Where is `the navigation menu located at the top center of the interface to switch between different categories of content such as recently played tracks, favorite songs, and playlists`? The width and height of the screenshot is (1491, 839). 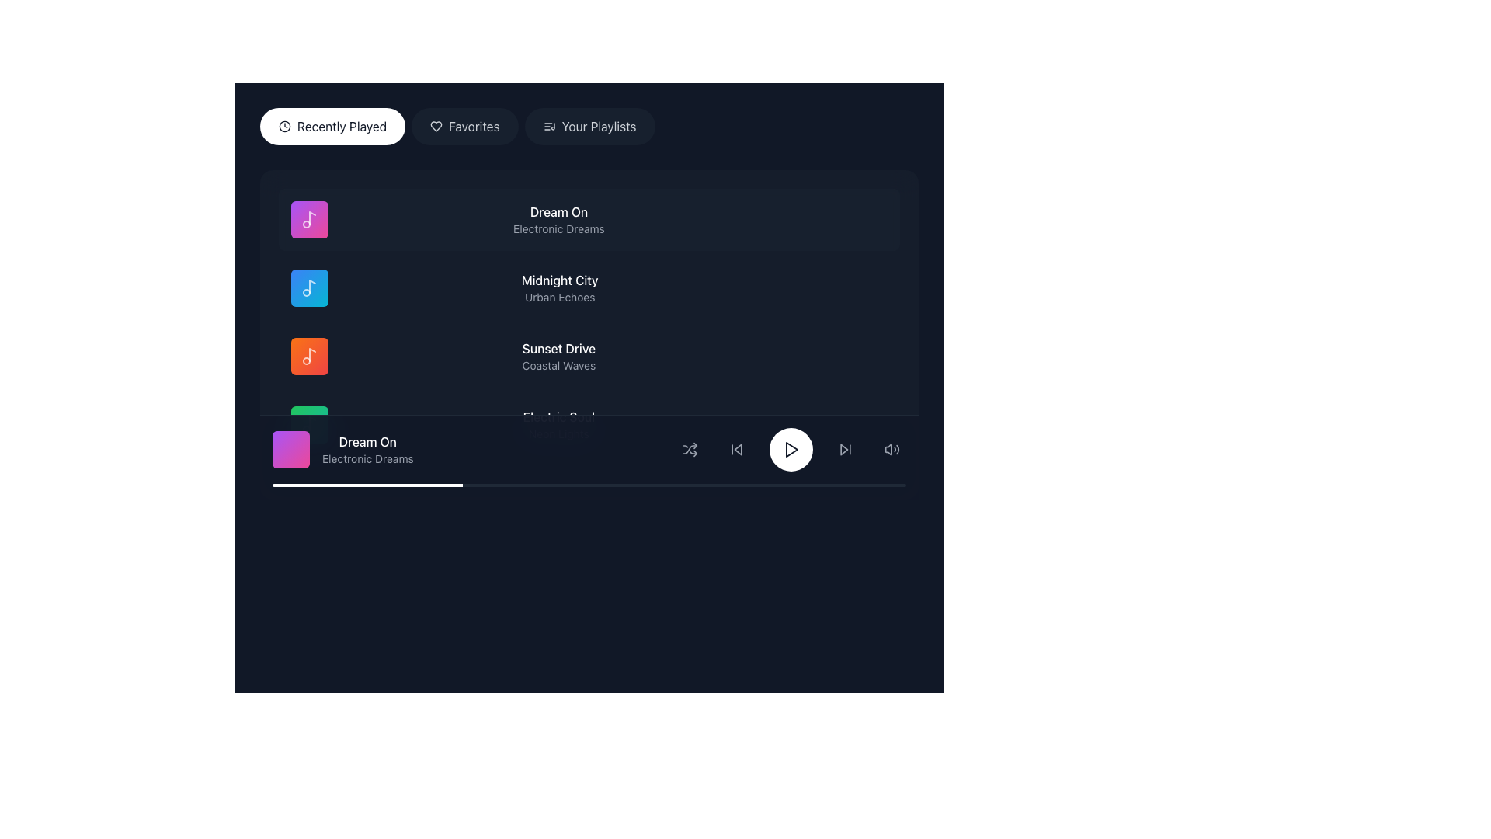
the navigation menu located at the top center of the interface to switch between different categories of content such as recently played tracks, favorite songs, and playlists is located at coordinates (588, 125).